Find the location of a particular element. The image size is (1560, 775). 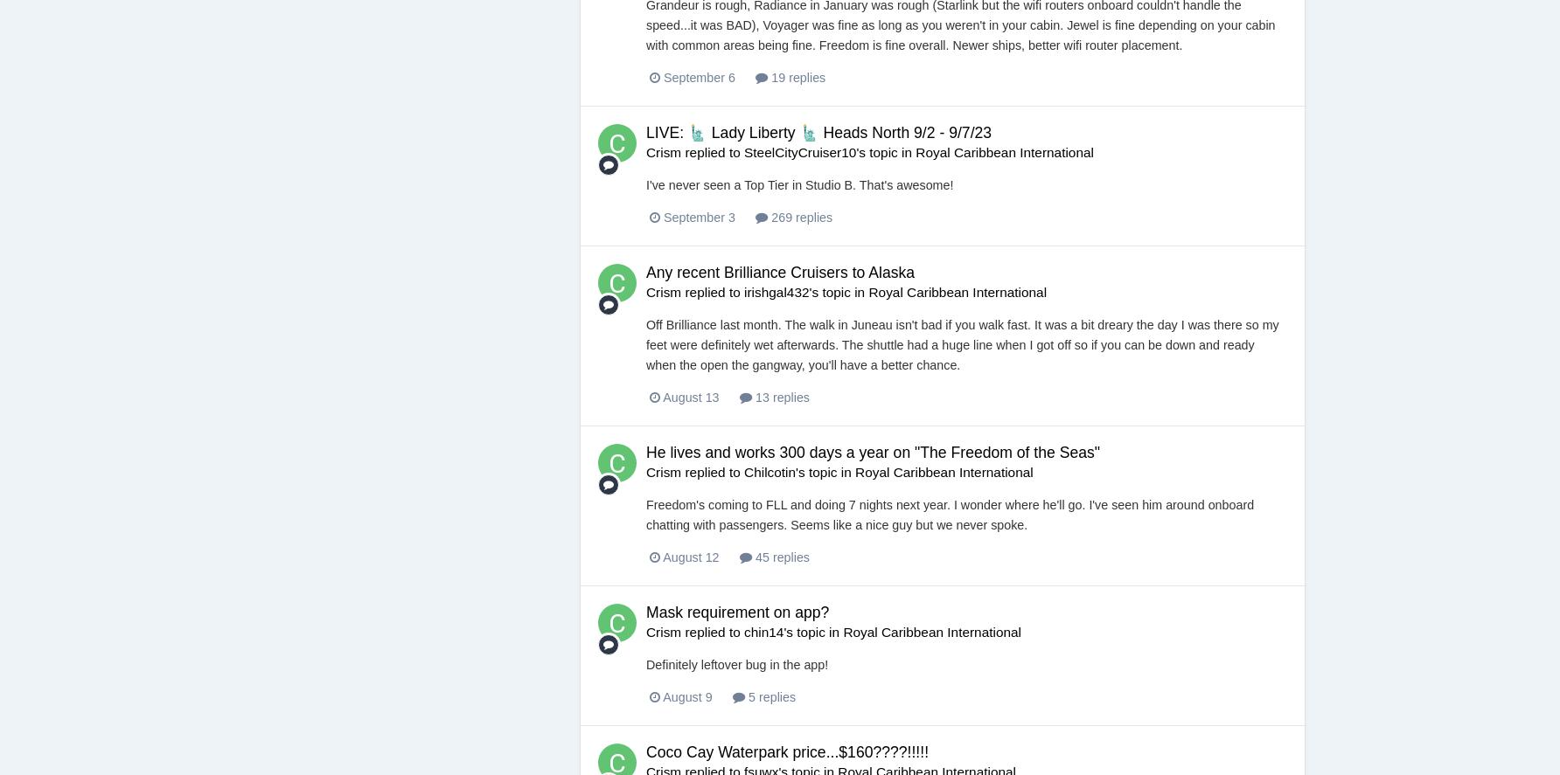

'45 replies' is located at coordinates (781, 557).